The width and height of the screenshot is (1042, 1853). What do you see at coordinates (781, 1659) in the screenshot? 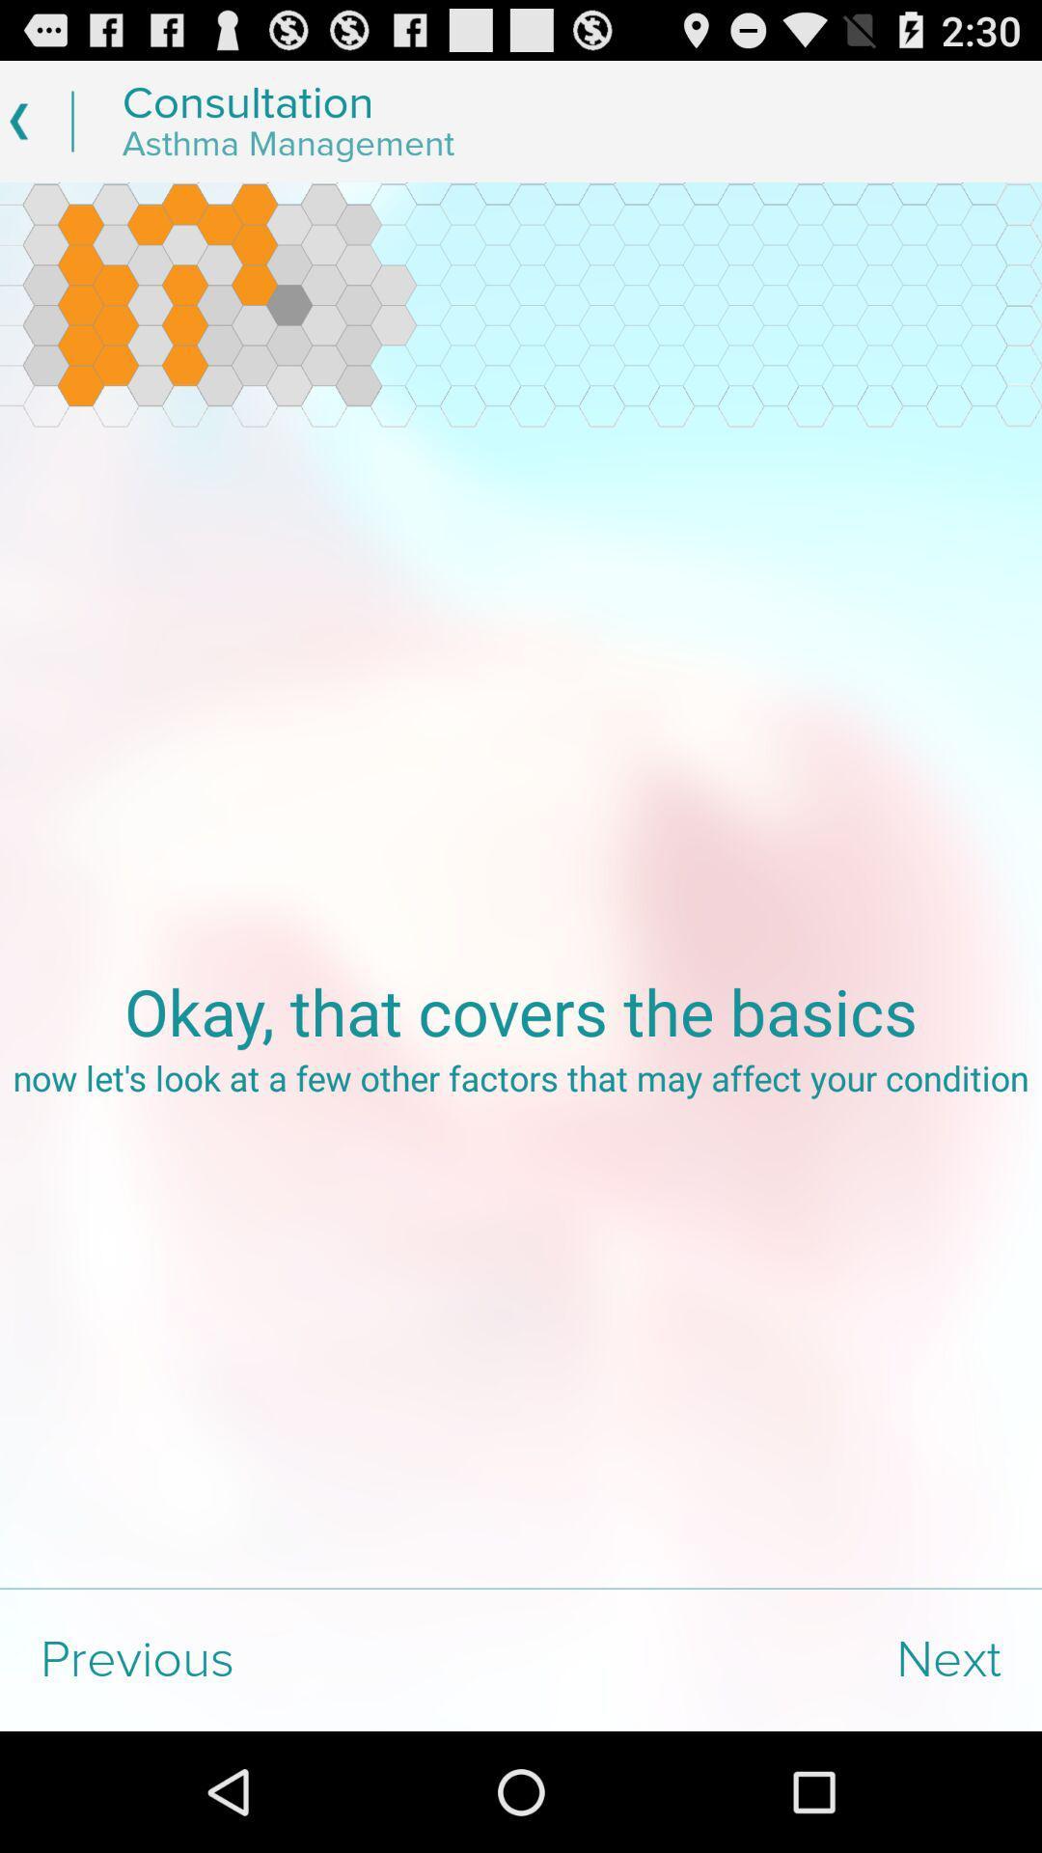
I see `next` at bounding box center [781, 1659].